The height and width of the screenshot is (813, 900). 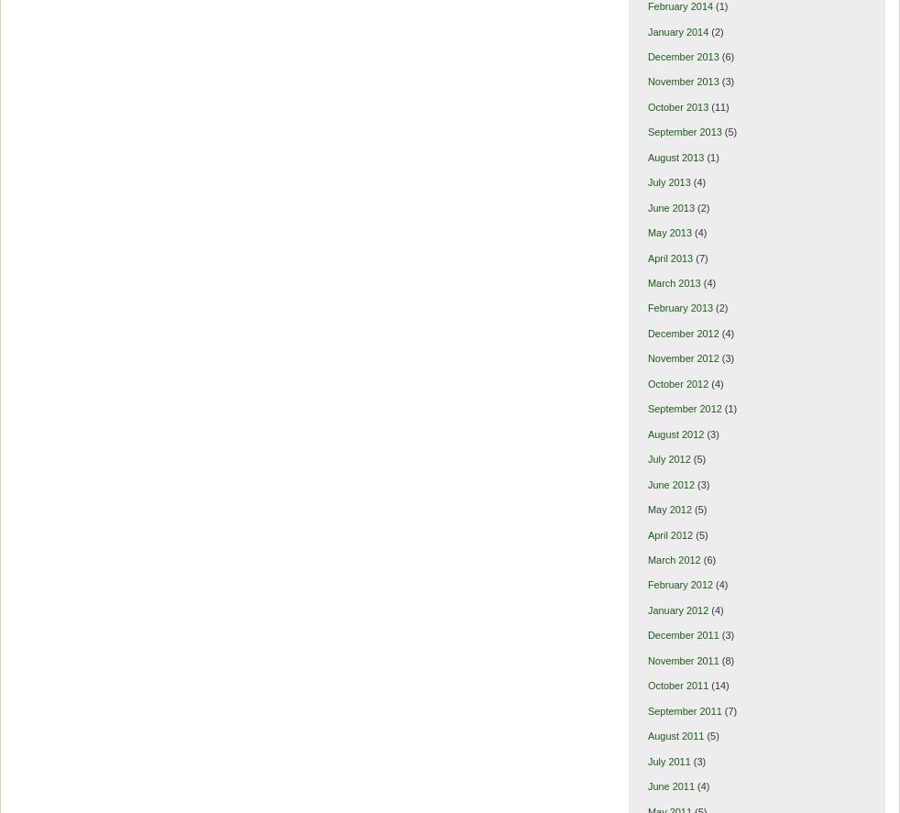 What do you see at coordinates (719, 685) in the screenshot?
I see `'(14)'` at bounding box center [719, 685].